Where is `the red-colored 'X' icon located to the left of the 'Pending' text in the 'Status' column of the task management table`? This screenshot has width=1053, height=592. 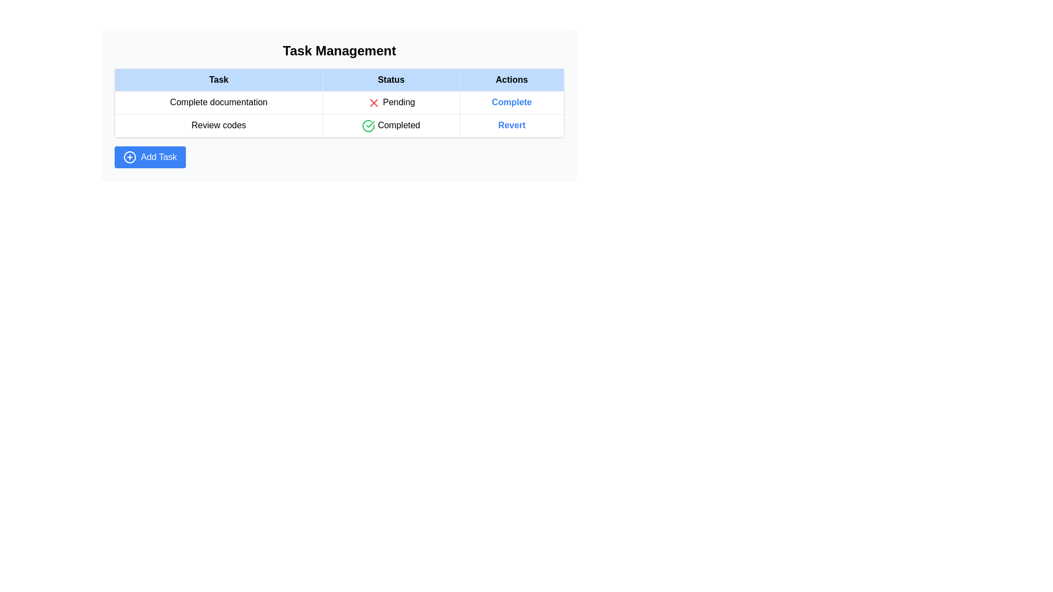
the red-colored 'X' icon located to the left of the 'Pending' text in the 'Status' column of the task management table is located at coordinates (373, 103).